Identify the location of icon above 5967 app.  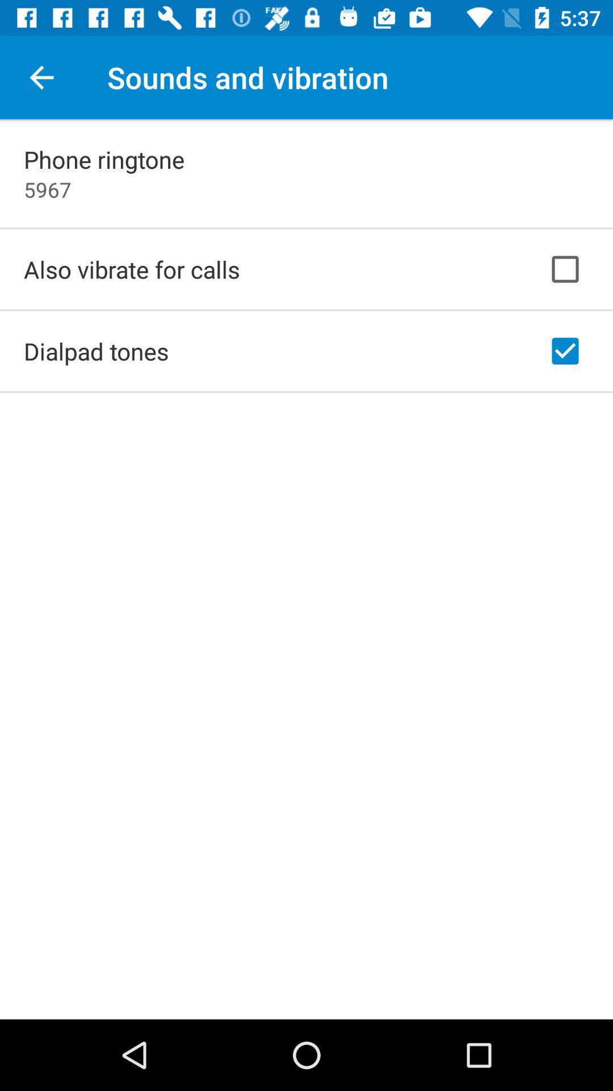
(104, 159).